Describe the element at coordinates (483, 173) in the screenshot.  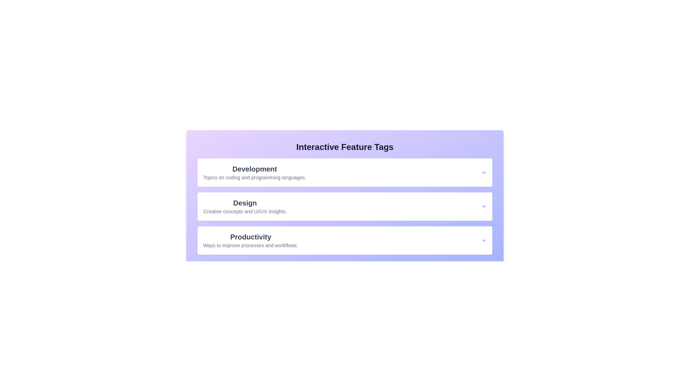
I see `the interactive dropdown toggle button located to the far right of the 'Development' heading` at that location.